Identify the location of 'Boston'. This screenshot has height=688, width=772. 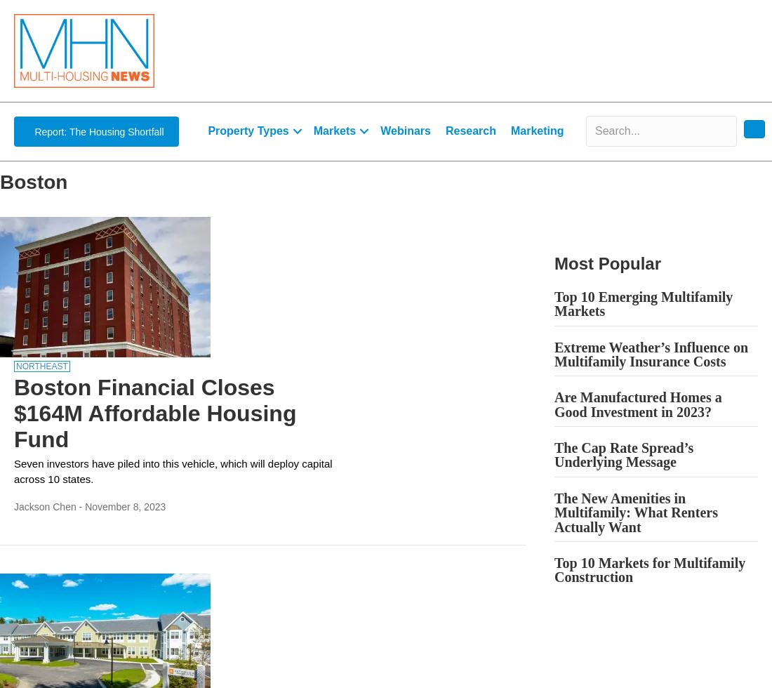
(32, 181).